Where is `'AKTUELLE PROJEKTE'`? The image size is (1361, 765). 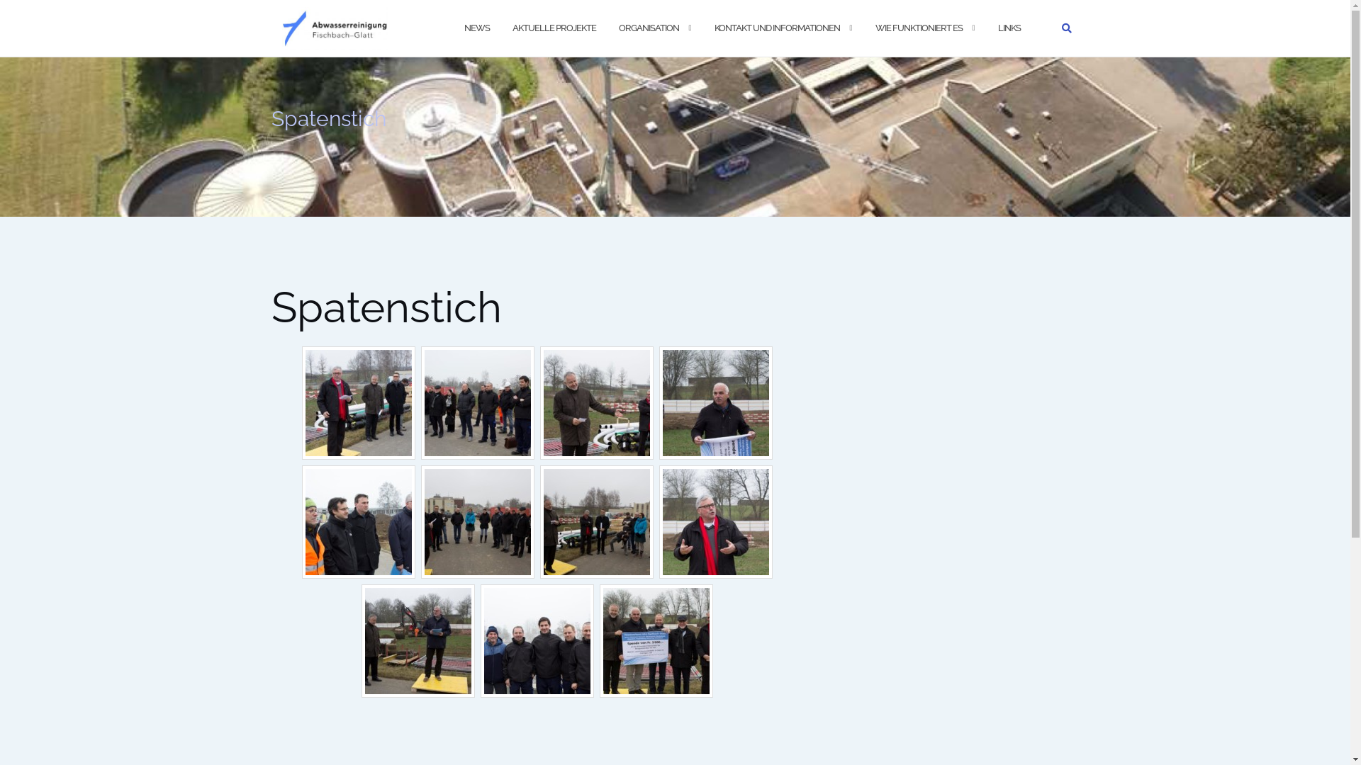
'AKTUELLE PROJEKTE' is located at coordinates (510, 28).